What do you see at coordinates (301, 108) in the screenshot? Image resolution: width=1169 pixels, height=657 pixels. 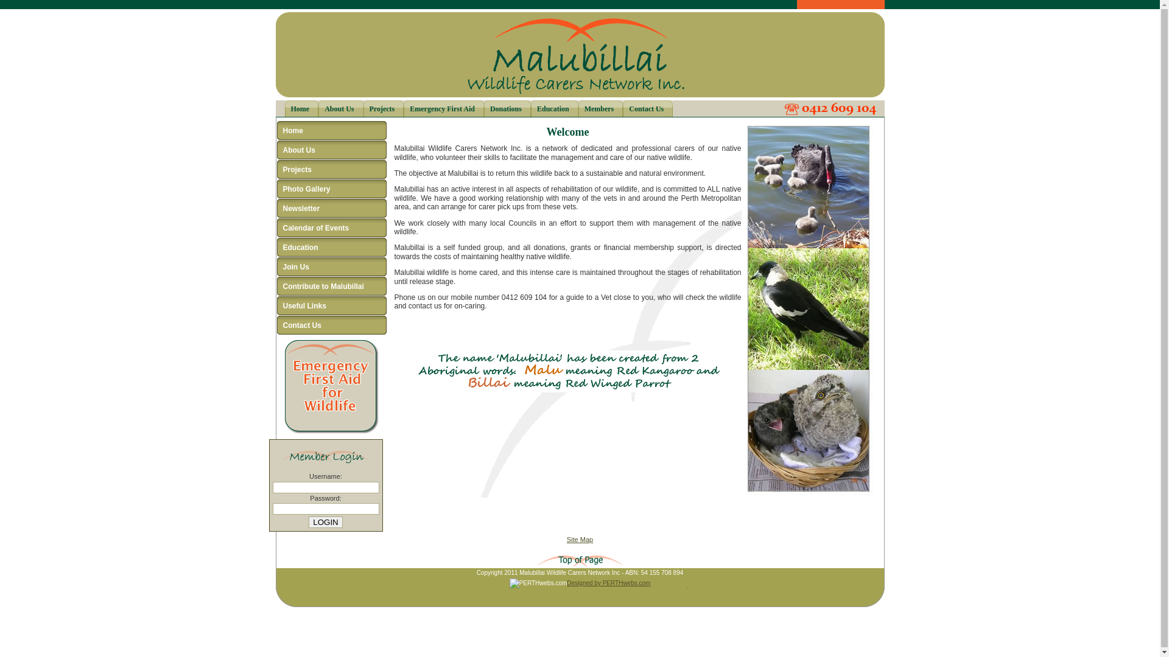 I see `'Home'` at bounding box center [301, 108].